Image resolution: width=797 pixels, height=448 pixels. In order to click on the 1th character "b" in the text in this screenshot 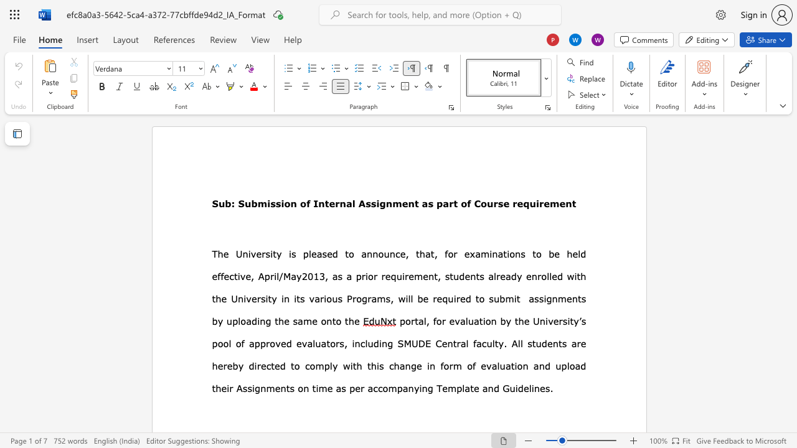, I will do `click(215, 320)`.